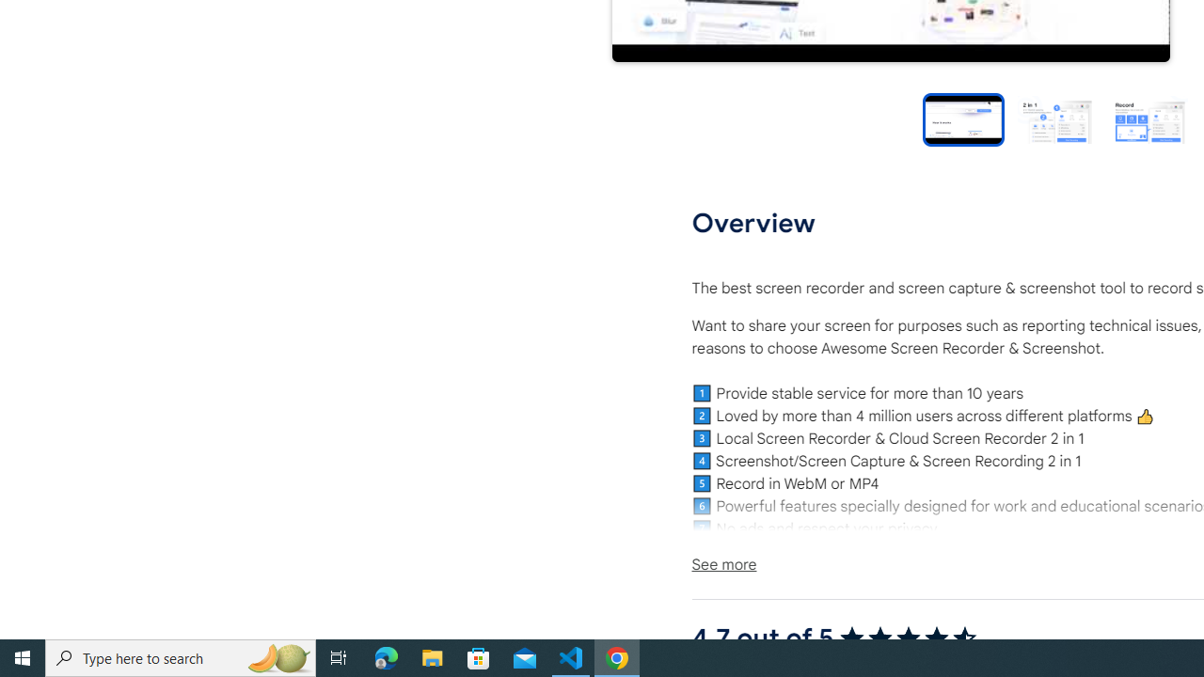  I want to click on 'Preview slide 3', so click(1149, 118).